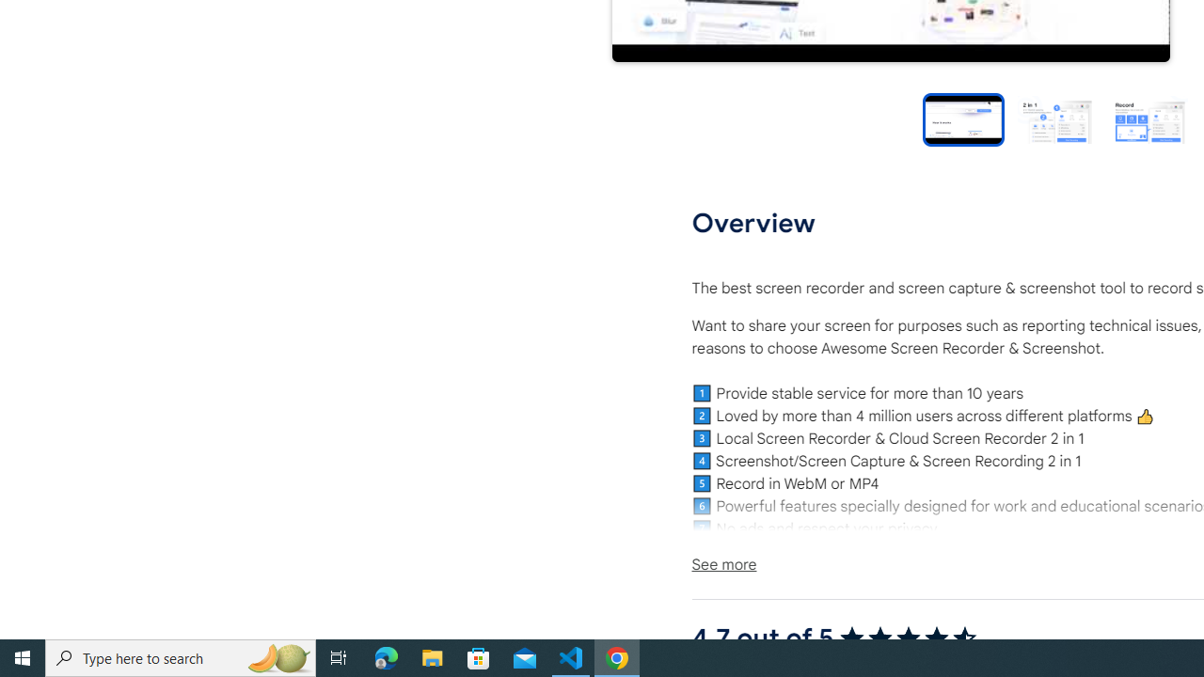  I want to click on 'Preview slide 3', so click(1149, 118).